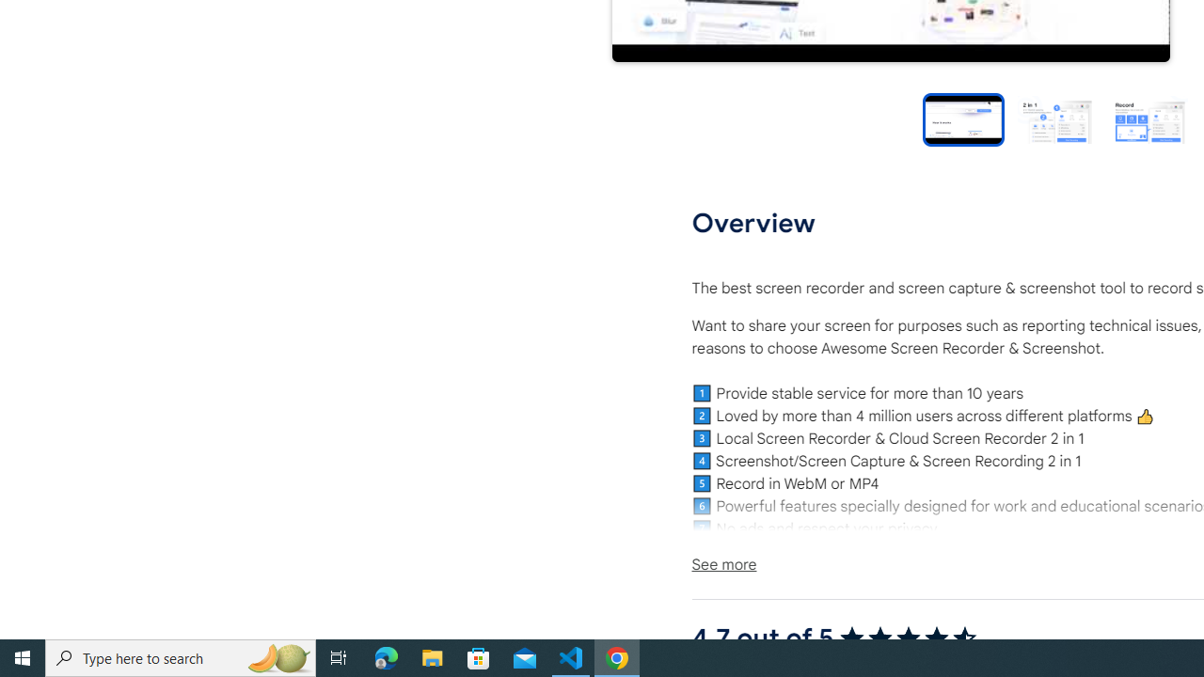  I want to click on 'Preview slide 3', so click(1149, 118).